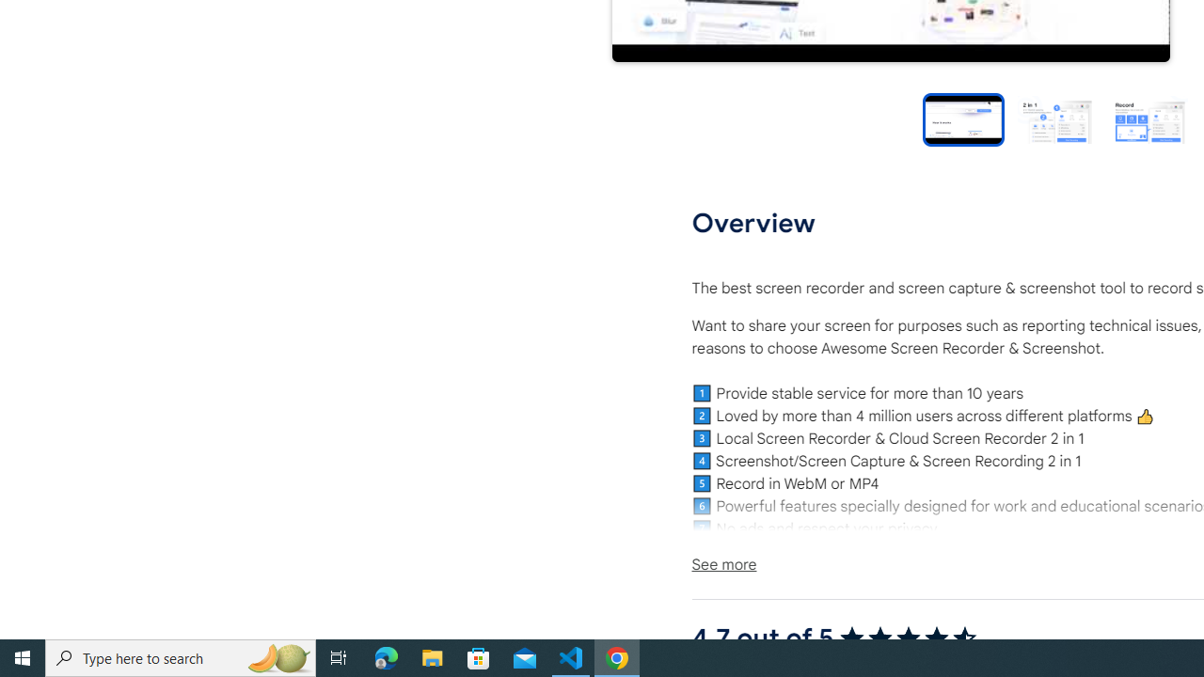  I want to click on 'Preview slide 3', so click(1149, 118).